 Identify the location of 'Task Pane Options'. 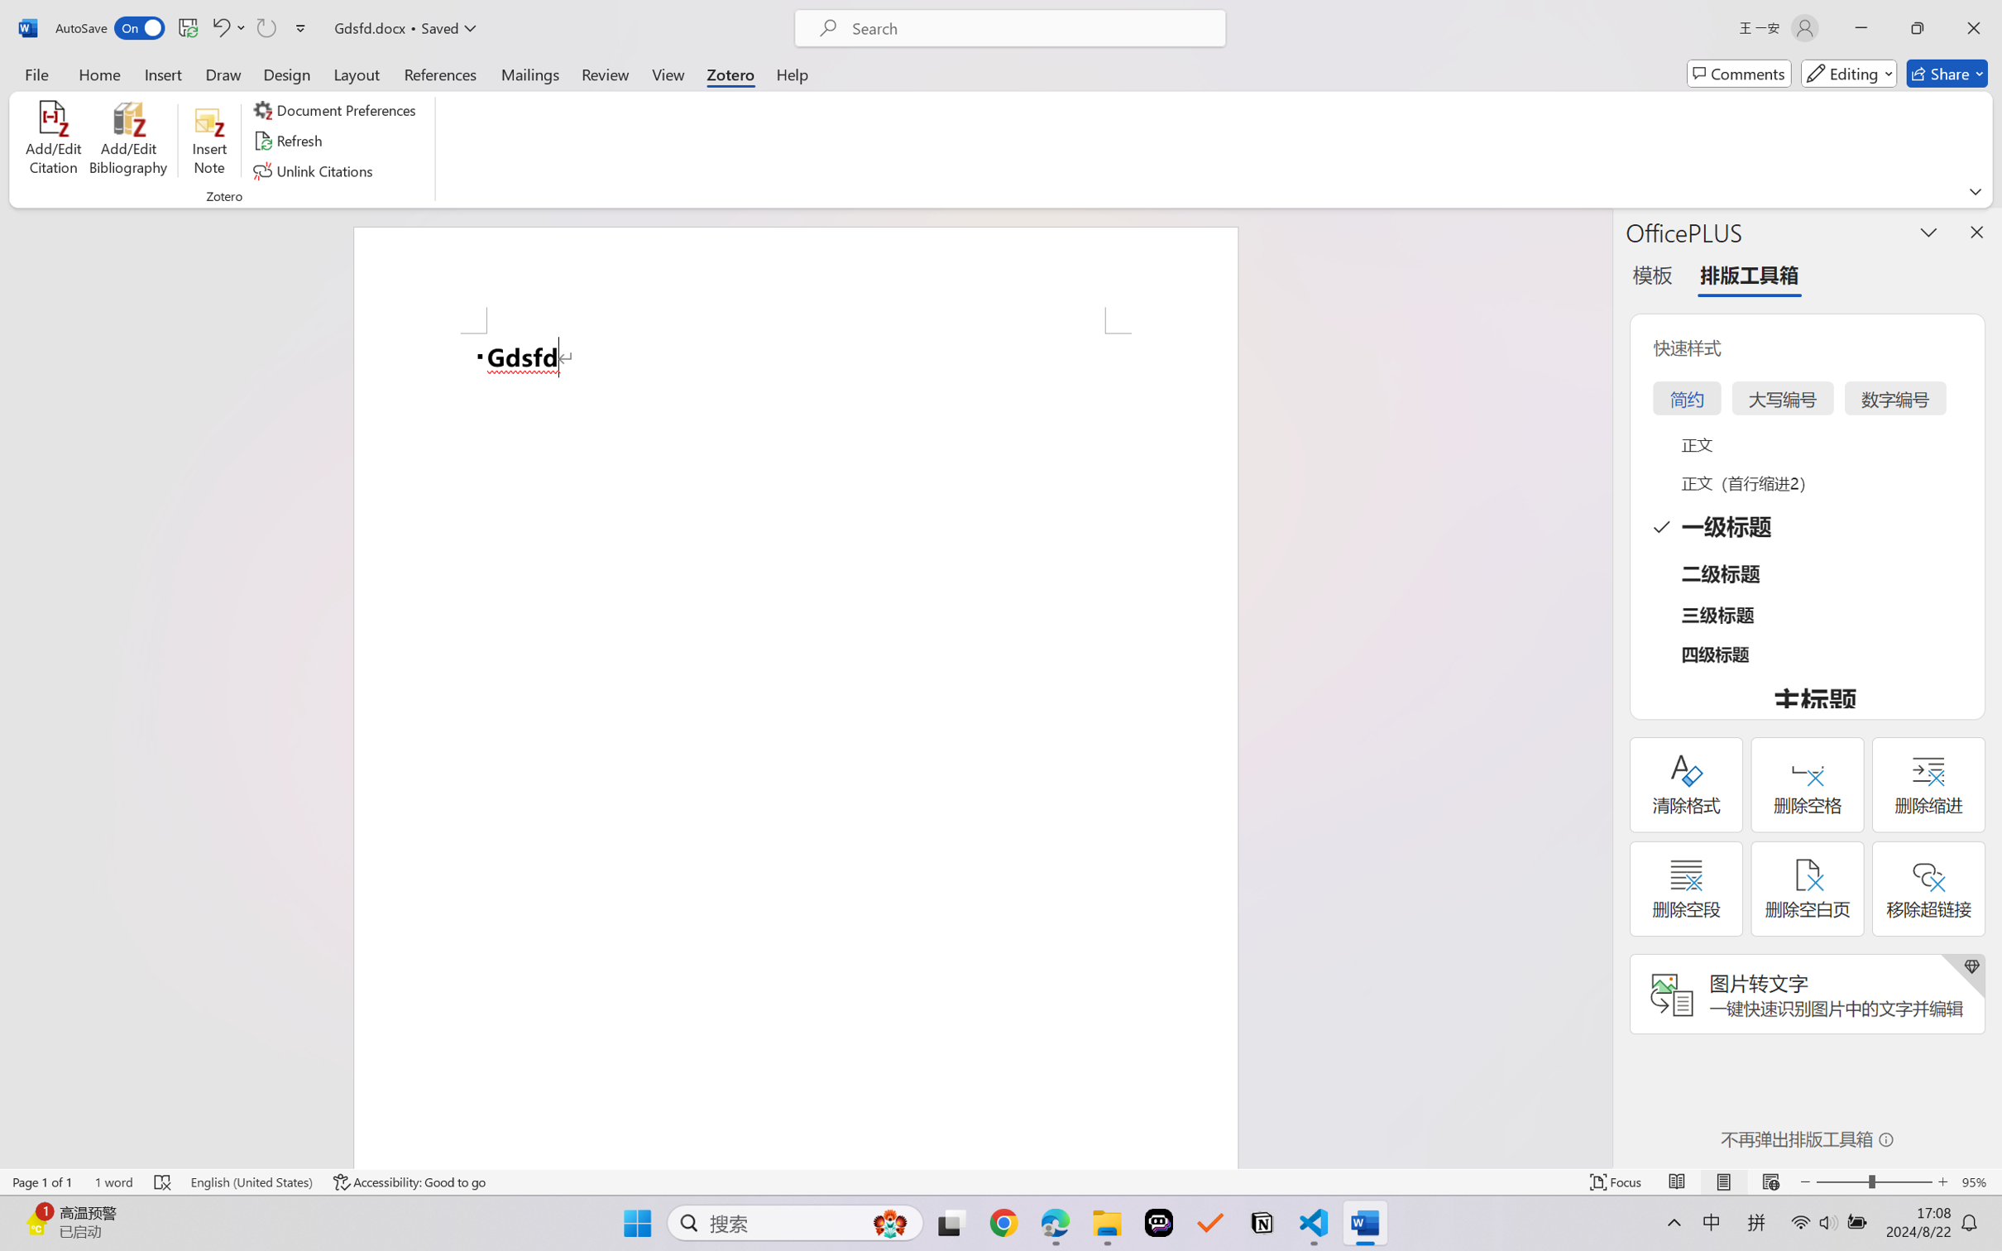
(1928, 232).